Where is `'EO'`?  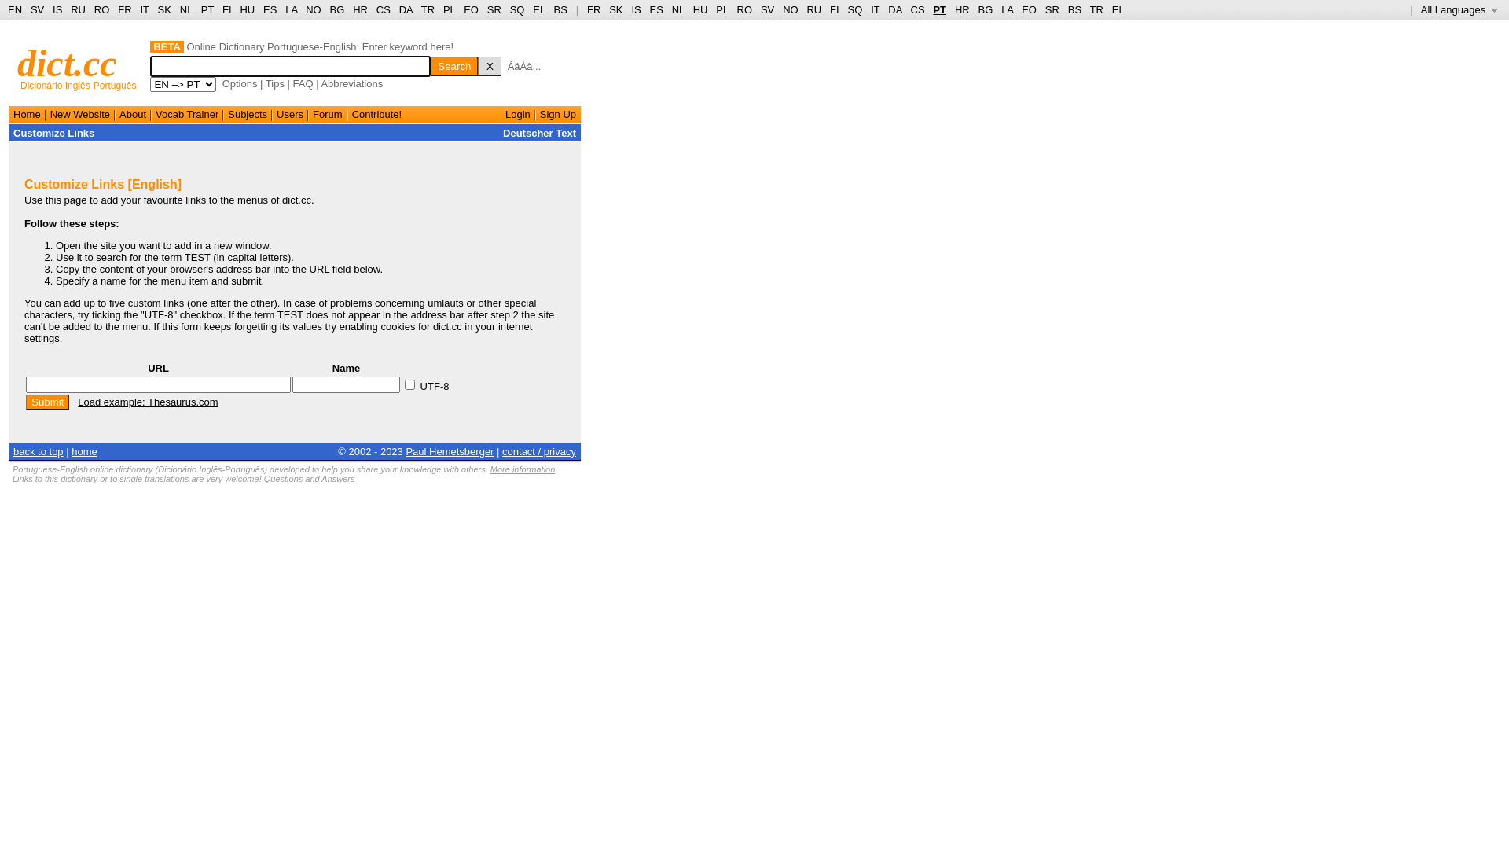 'EO' is located at coordinates (470, 9).